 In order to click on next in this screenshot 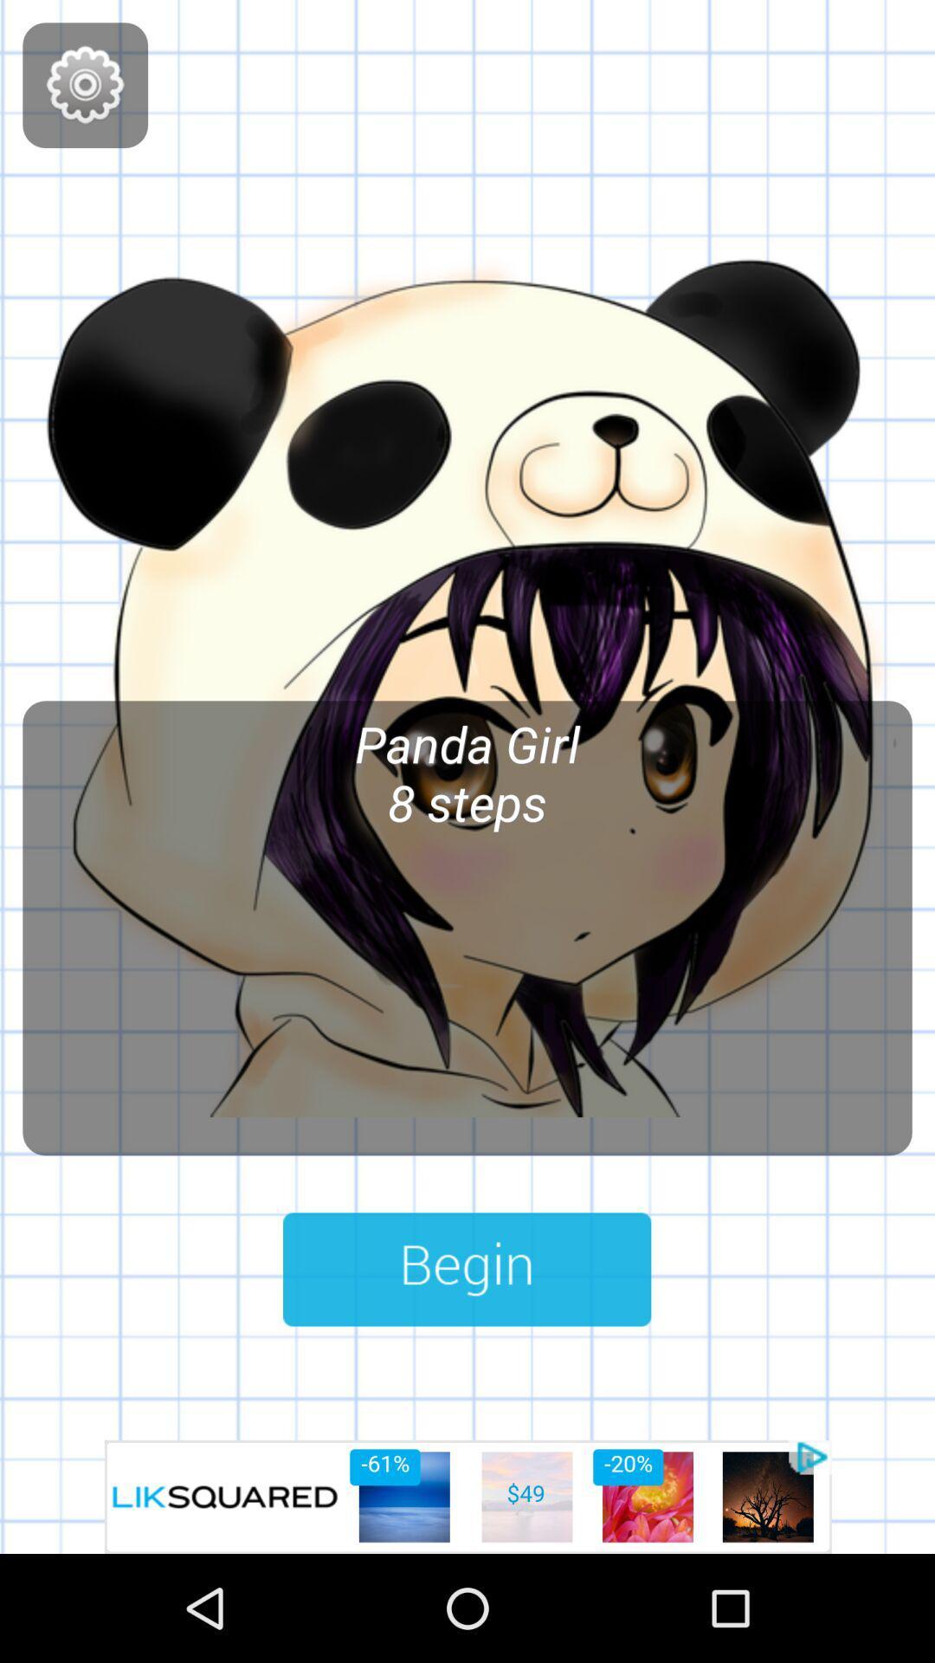, I will do `click(466, 1269)`.